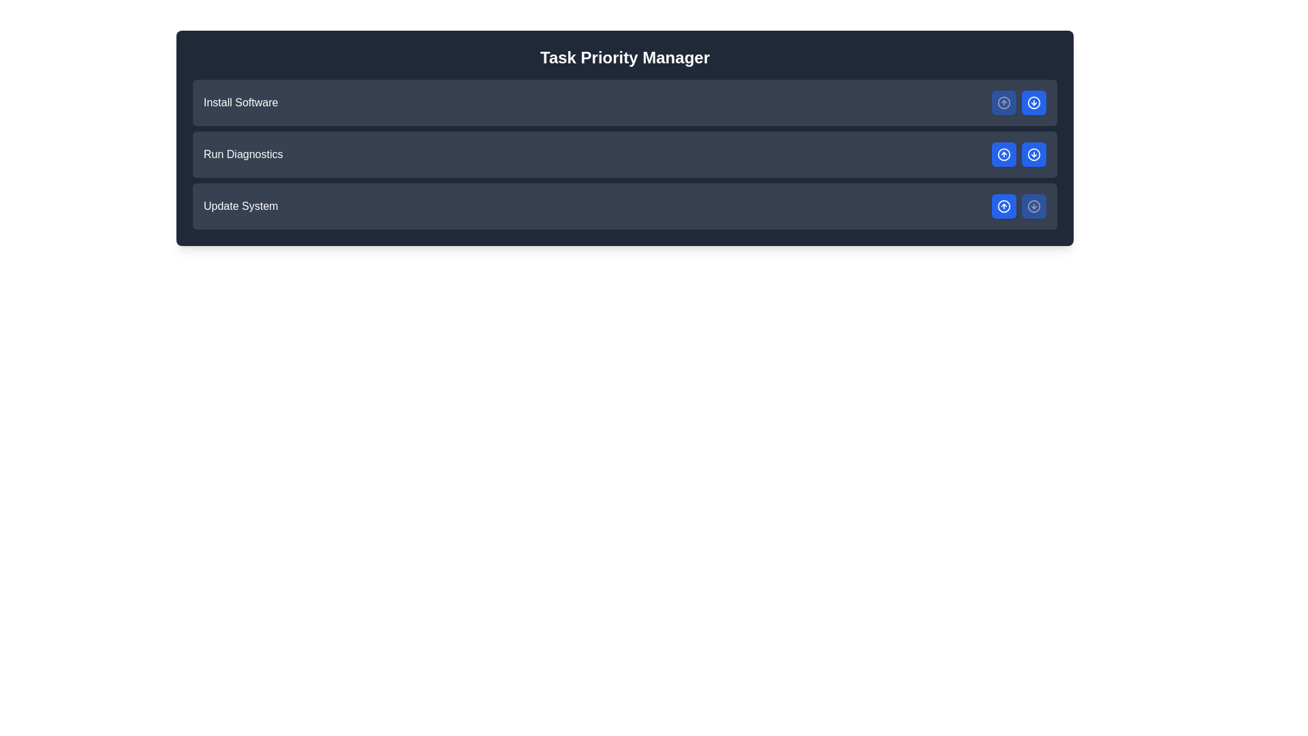 This screenshot has width=1308, height=736. Describe the element at coordinates (1003, 206) in the screenshot. I see `the blue button with rounded corners and an upwards-pointing arrow symbol, located in the third row corresponding to the 'Update System' entry` at that location.